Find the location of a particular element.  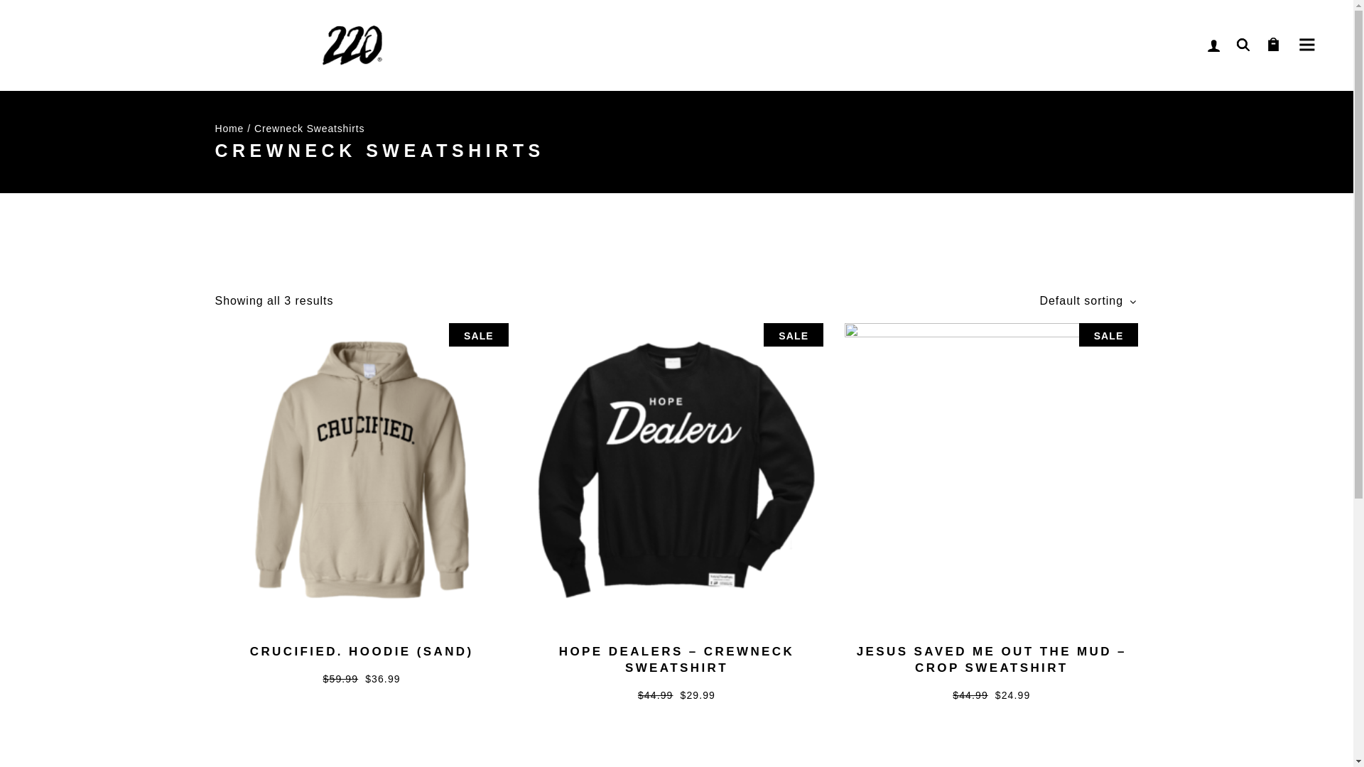

'Home' is located at coordinates (214, 128).